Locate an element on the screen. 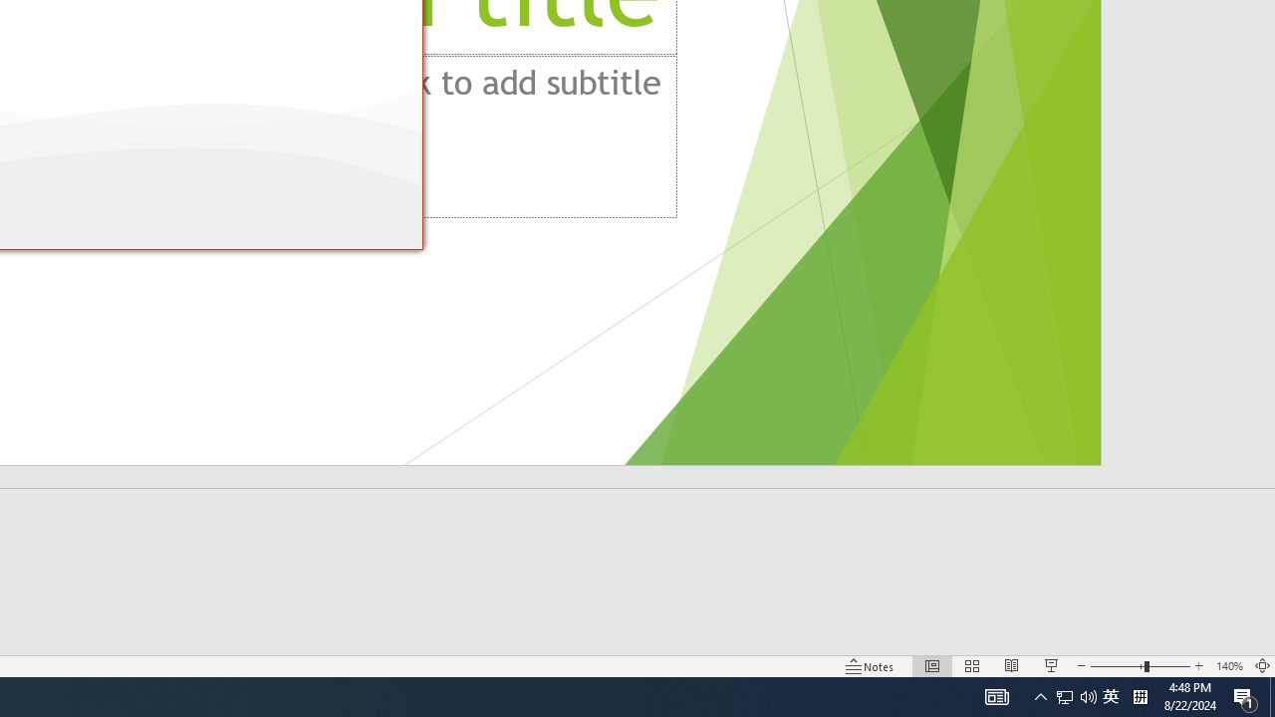 The image size is (1275, 717). 'Zoom 140%' is located at coordinates (1228, 666).